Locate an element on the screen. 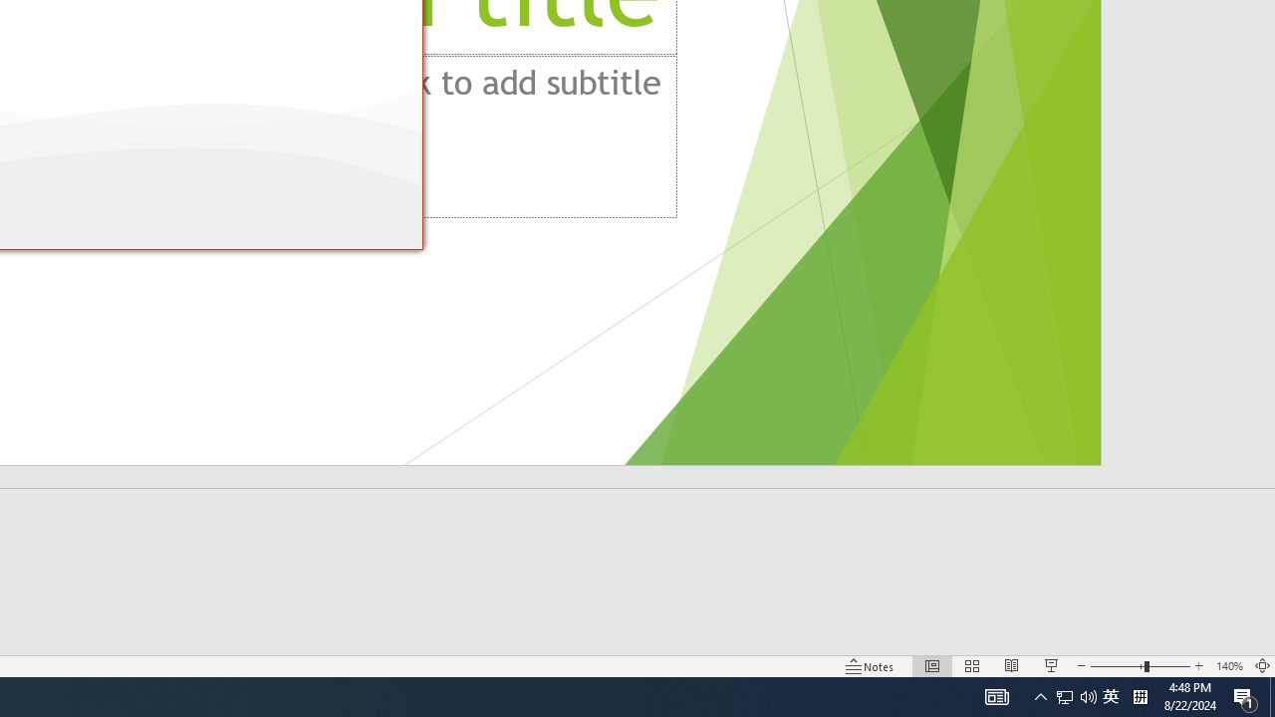 The image size is (1275, 717). 'Zoom 140%' is located at coordinates (1228, 666).